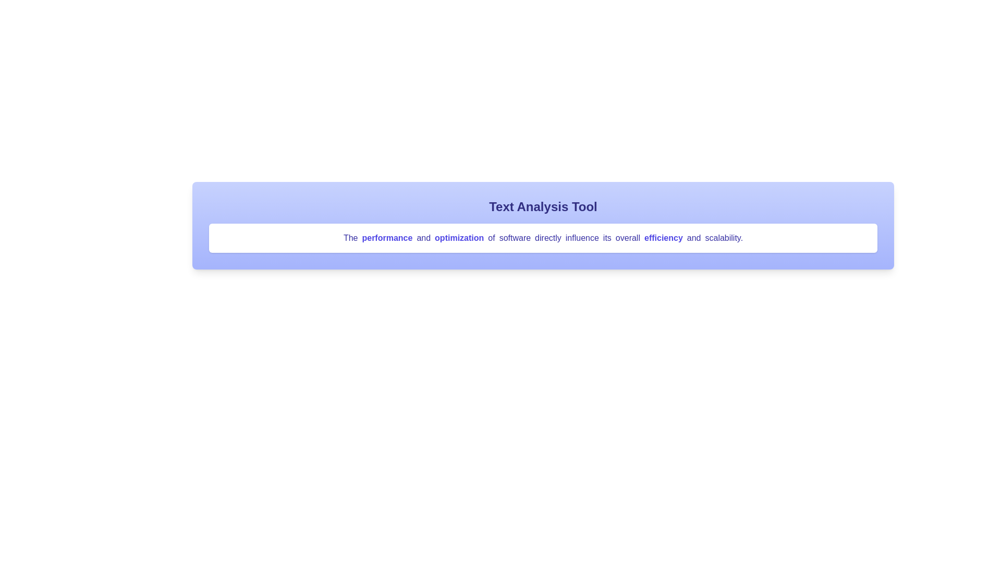  Describe the element at coordinates (663, 238) in the screenshot. I see `the text label displaying 'efficiency' in bold indigo font within the 'Text Analysis Tool' panel` at that location.